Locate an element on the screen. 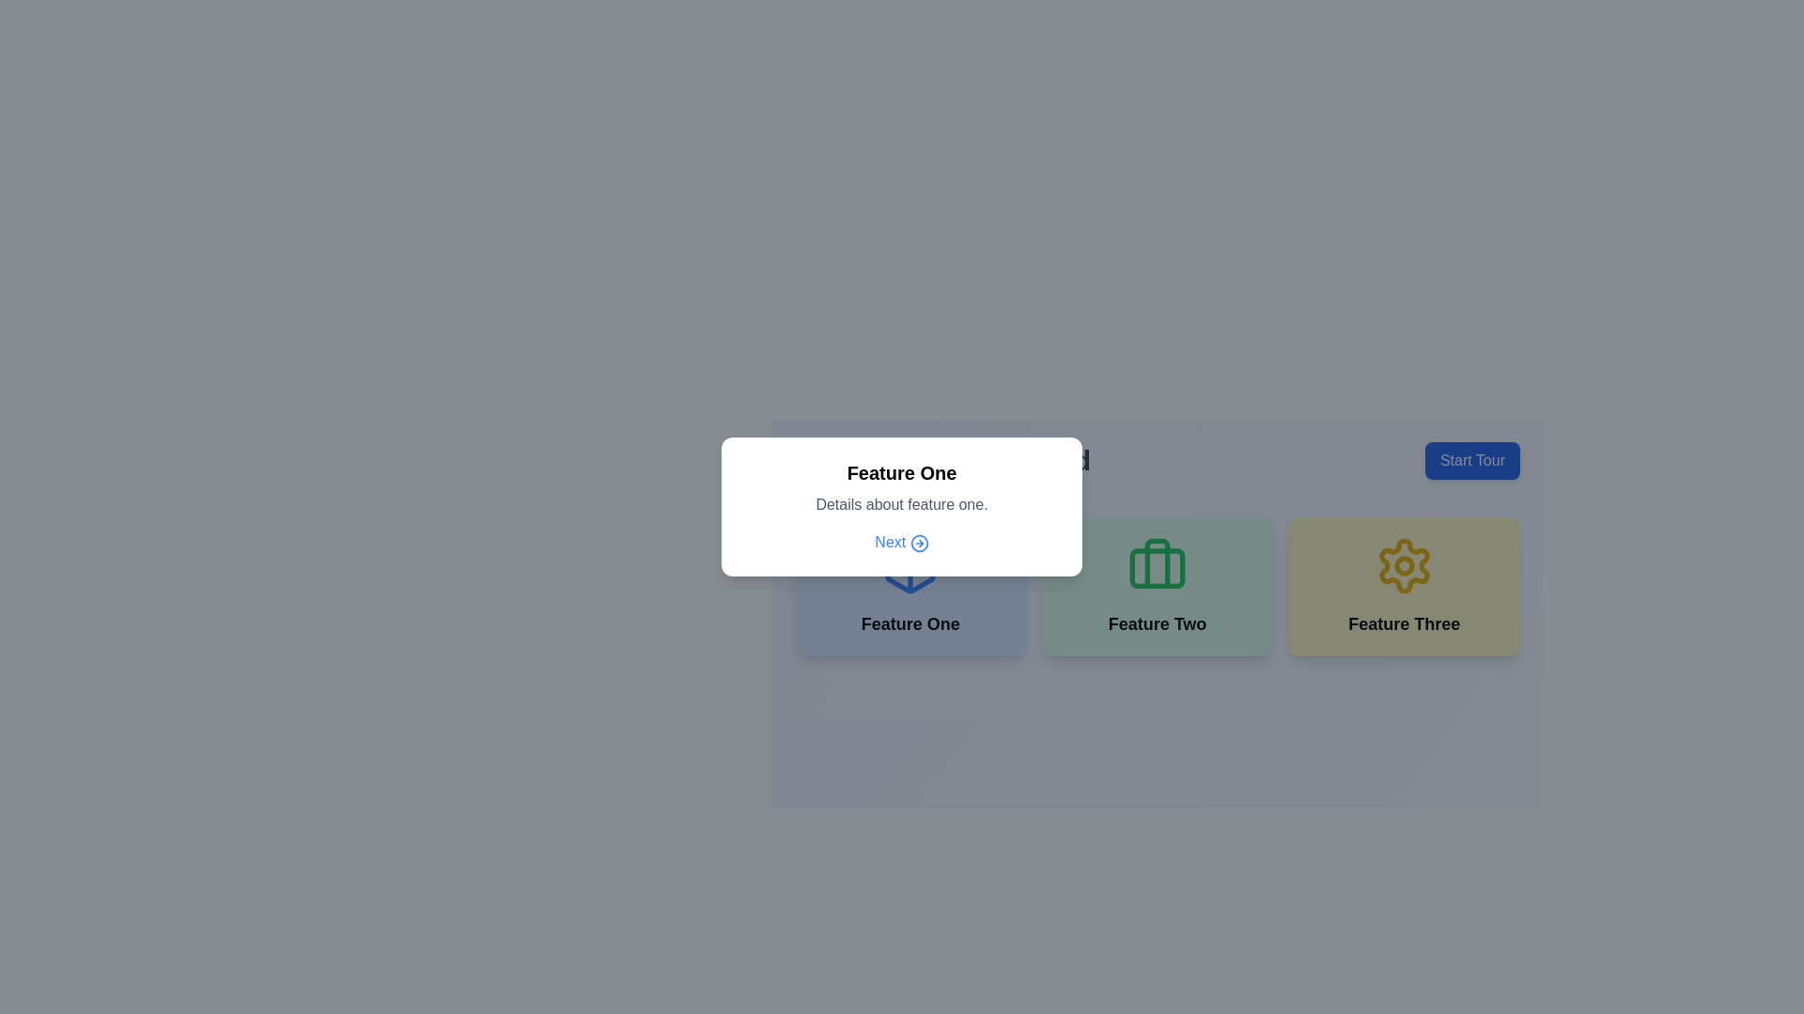  the informational card titled 'Feature One' with the clickable link 'Next' and an arrow icon, located at the center of the modal window is located at coordinates (902, 507).